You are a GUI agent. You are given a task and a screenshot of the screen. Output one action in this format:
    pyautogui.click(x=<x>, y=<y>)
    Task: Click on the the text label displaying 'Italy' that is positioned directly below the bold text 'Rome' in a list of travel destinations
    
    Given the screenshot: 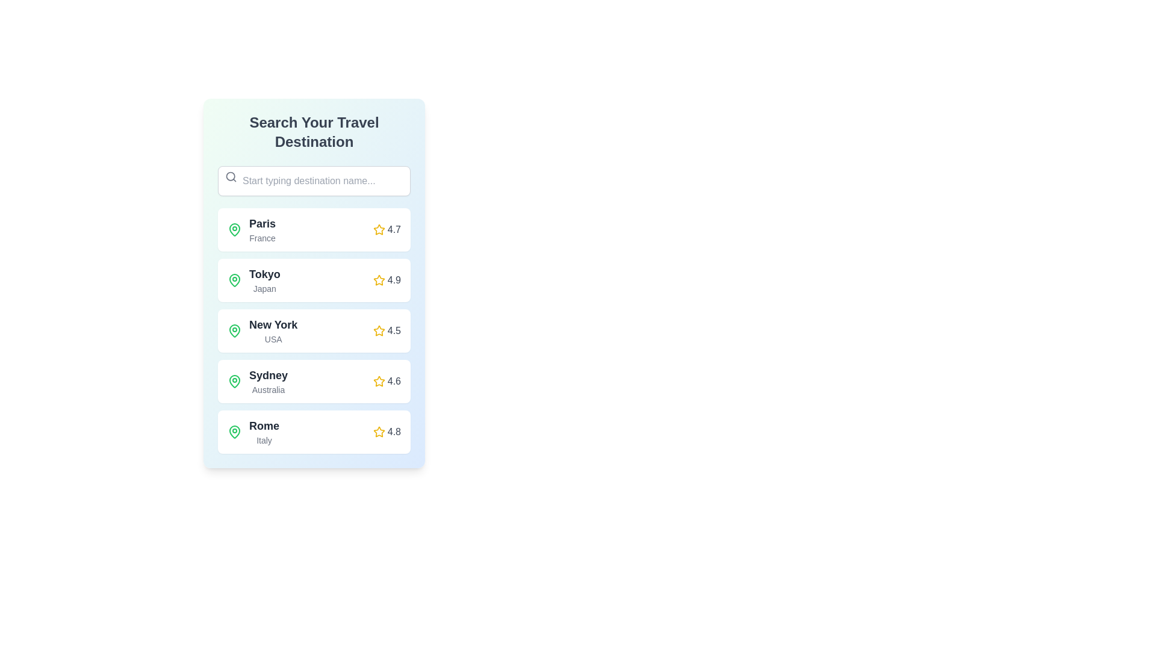 What is the action you would take?
    pyautogui.click(x=264, y=441)
    